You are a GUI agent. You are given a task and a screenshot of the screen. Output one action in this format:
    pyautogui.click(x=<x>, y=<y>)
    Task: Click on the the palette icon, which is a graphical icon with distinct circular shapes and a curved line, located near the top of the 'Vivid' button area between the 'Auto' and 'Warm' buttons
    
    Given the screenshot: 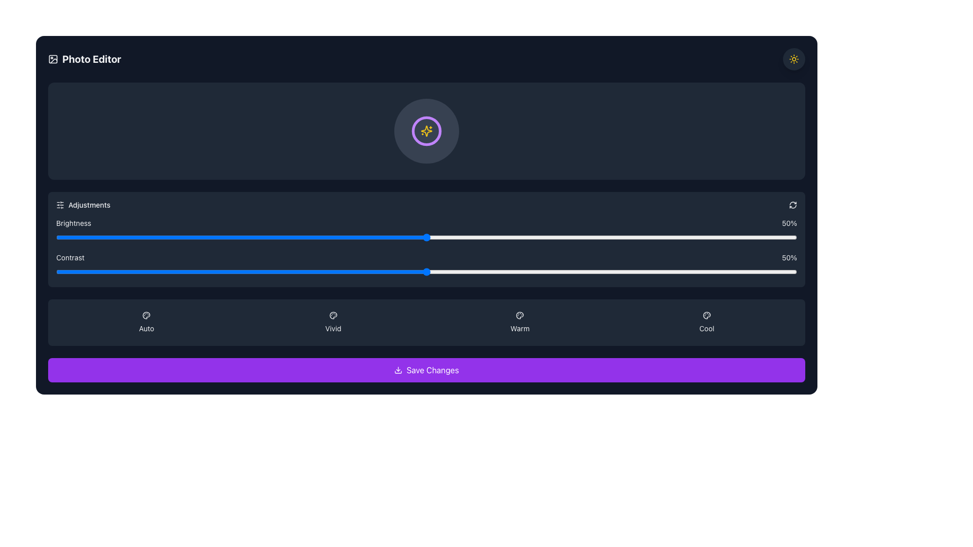 What is the action you would take?
    pyautogui.click(x=333, y=315)
    